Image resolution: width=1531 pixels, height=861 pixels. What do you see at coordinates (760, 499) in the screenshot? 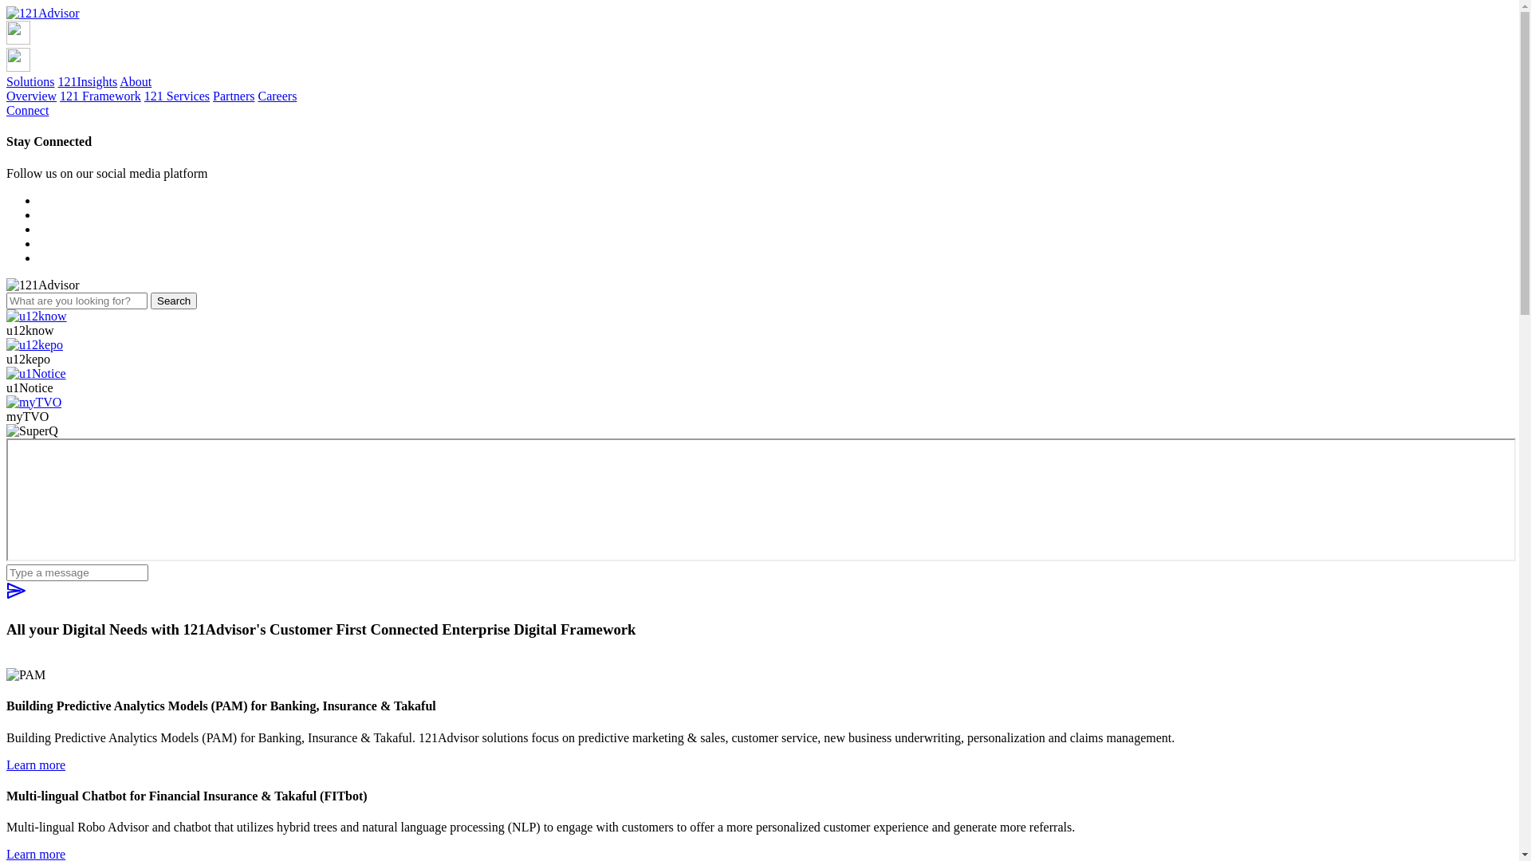
I see `'SuperQ'` at bounding box center [760, 499].